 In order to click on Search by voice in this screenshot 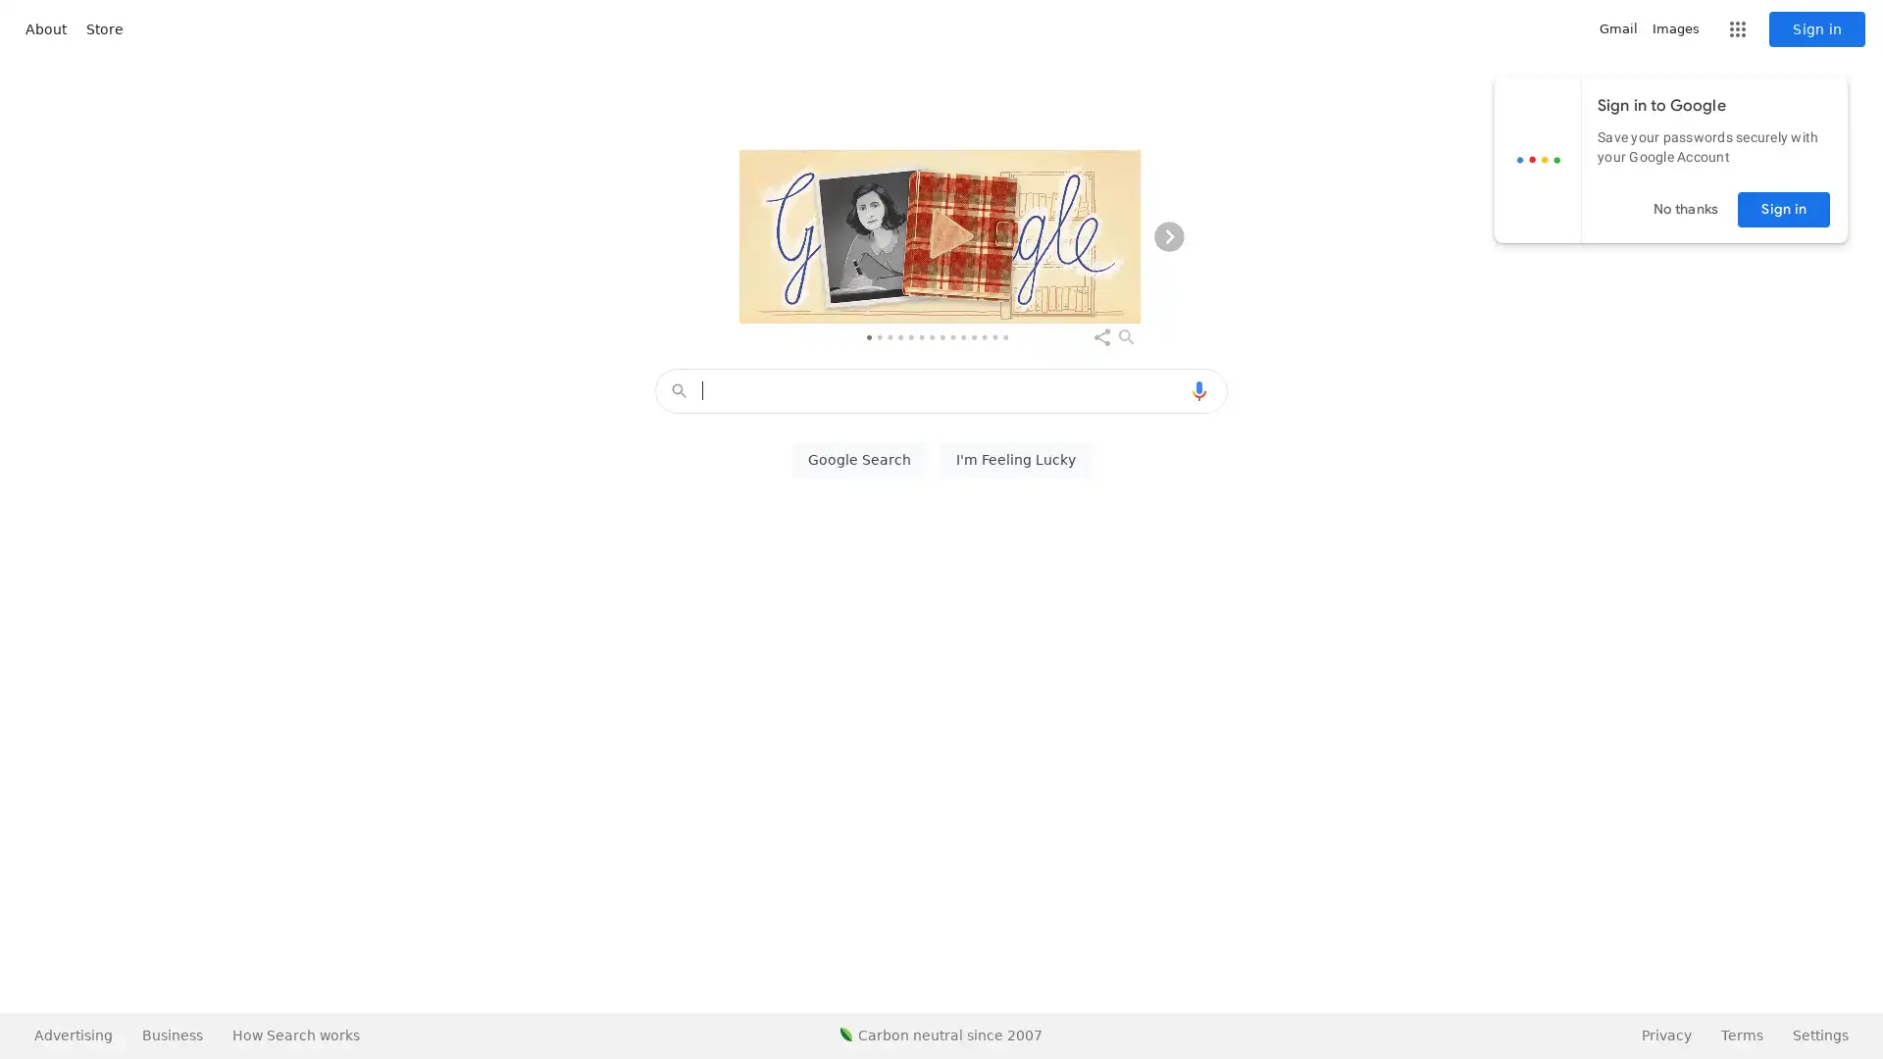, I will do `click(1198, 390)`.